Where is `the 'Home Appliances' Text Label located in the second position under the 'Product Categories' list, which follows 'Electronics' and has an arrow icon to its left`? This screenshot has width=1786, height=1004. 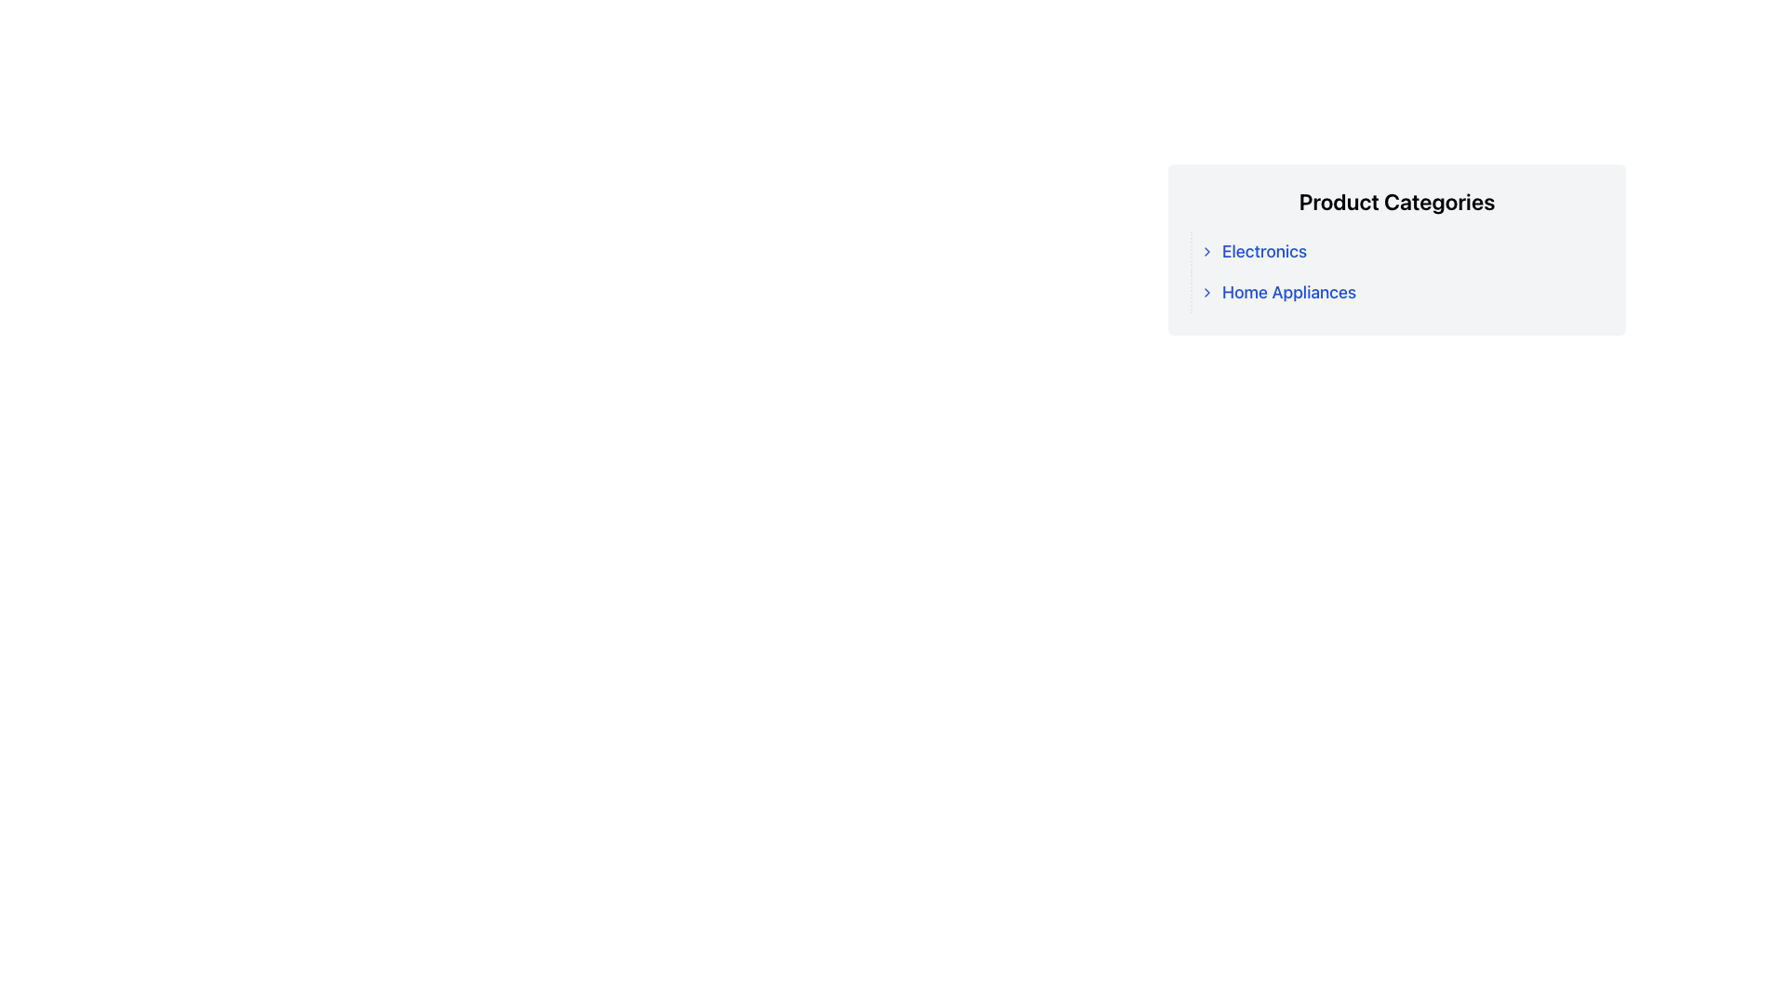 the 'Home Appliances' Text Label located in the second position under the 'Product Categories' list, which follows 'Electronics' and has an arrow icon to its left is located at coordinates (1288, 293).